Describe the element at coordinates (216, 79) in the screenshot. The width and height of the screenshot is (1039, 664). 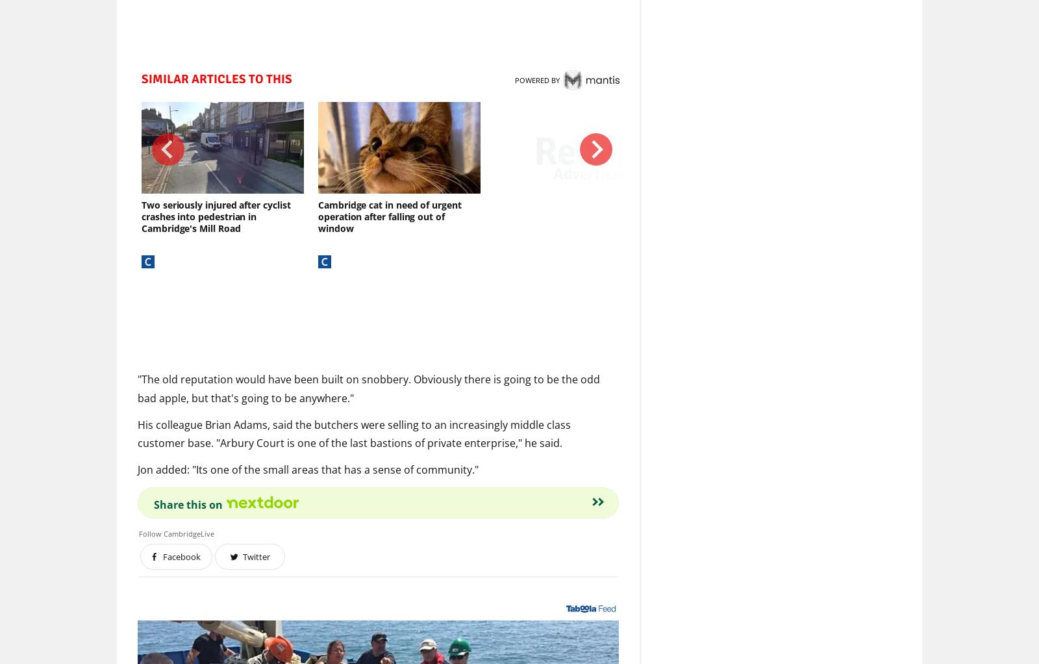
I see `'SIMILAR ARTICLES TO THIS'` at that location.